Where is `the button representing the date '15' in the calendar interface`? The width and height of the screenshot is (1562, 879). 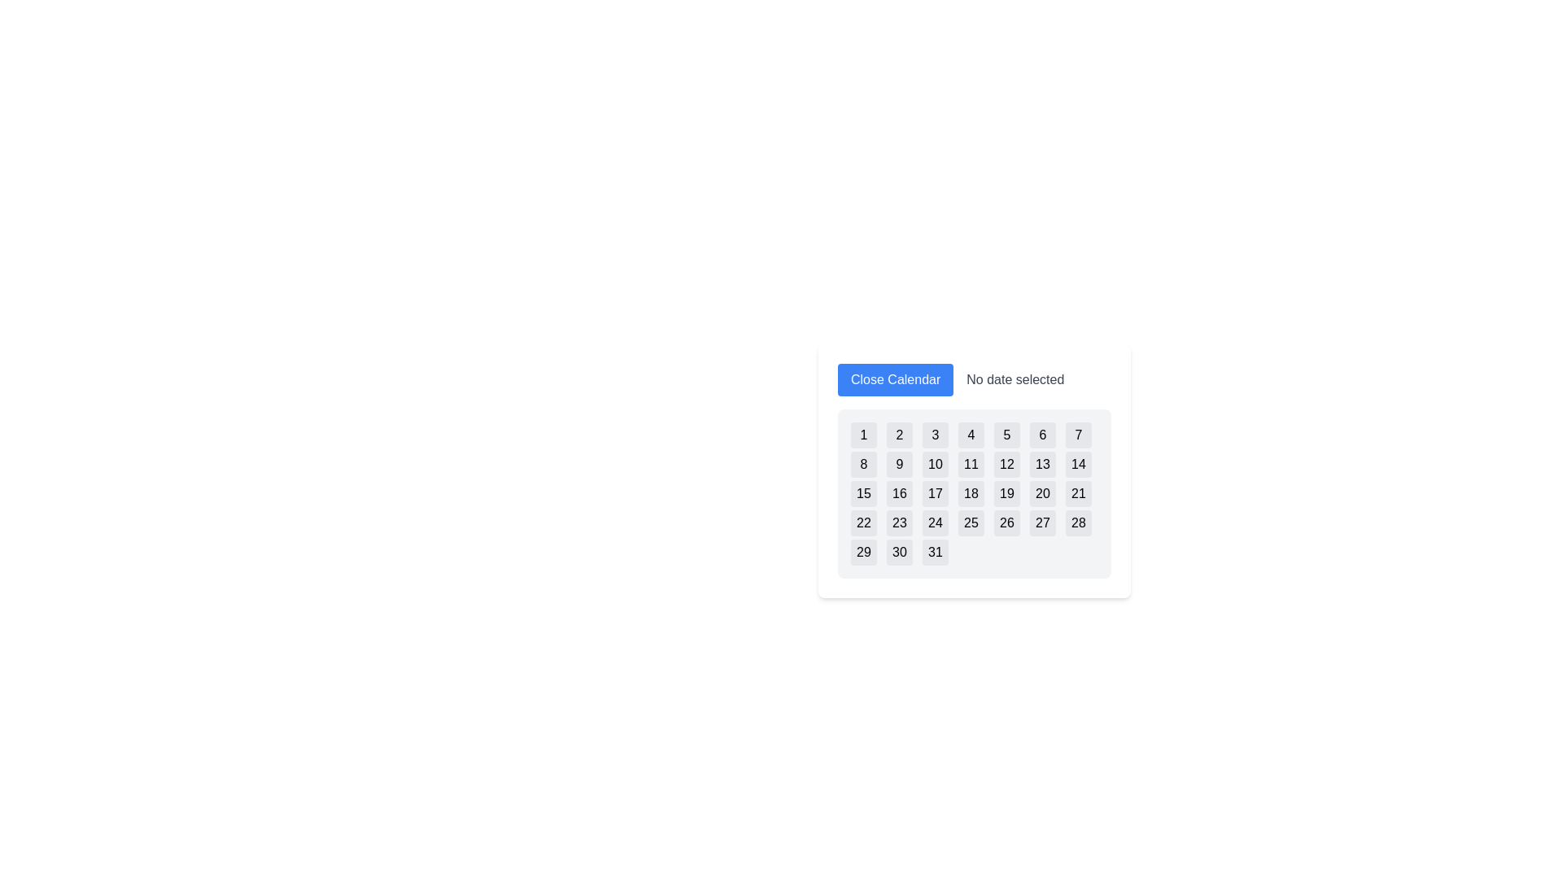
the button representing the date '15' in the calendar interface is located at coordinates (862, 492).